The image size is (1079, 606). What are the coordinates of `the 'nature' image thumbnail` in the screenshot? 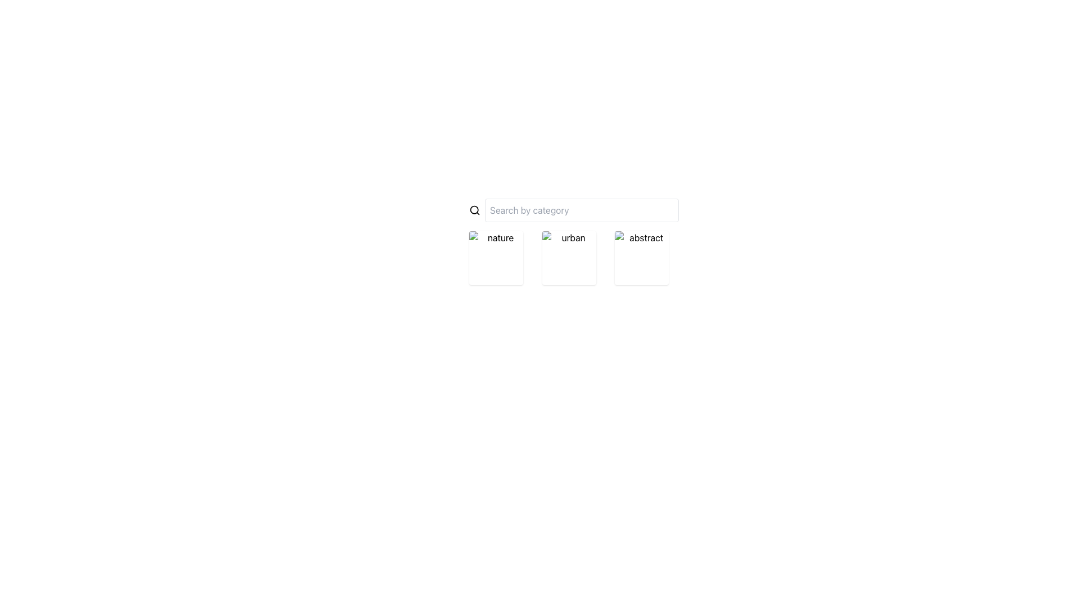 It's located at (496, 258).